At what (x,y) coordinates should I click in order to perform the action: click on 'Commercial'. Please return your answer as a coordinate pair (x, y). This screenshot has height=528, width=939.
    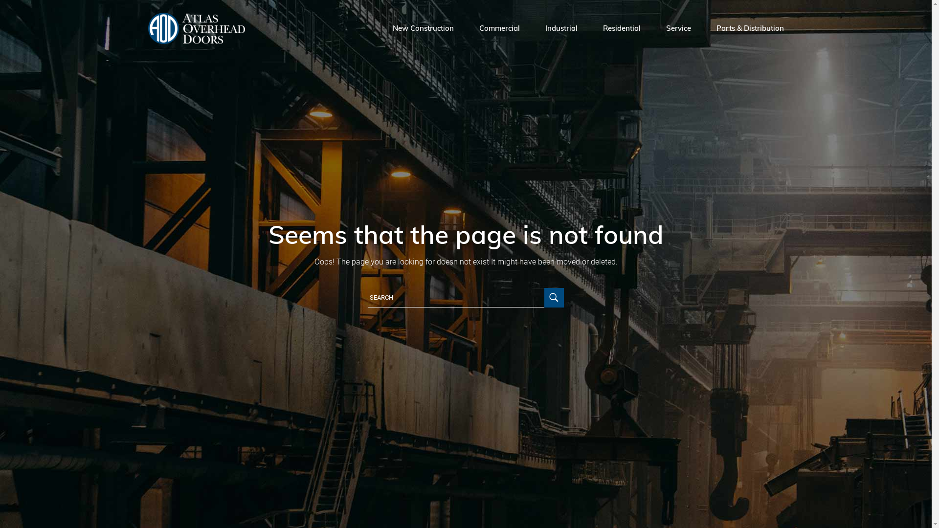
    Looking at the image, I should click on (499, 27).